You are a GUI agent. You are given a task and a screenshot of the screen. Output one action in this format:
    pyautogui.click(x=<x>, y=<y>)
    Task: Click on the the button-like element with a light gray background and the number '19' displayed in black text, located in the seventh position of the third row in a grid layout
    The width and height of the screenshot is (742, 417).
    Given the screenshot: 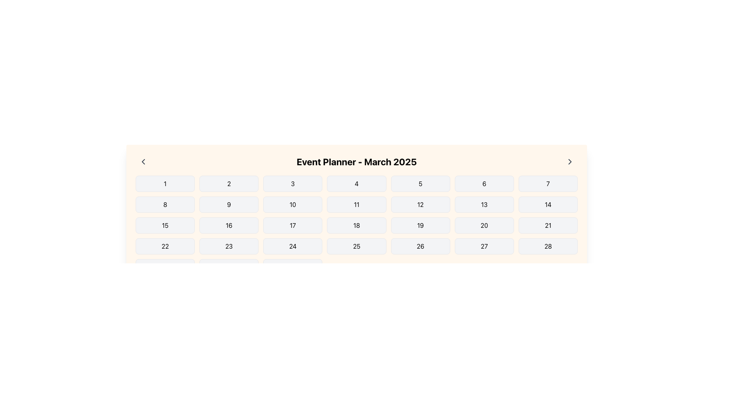 What is the action you would take?
    pyautogui.click(x=420, y=225)
    